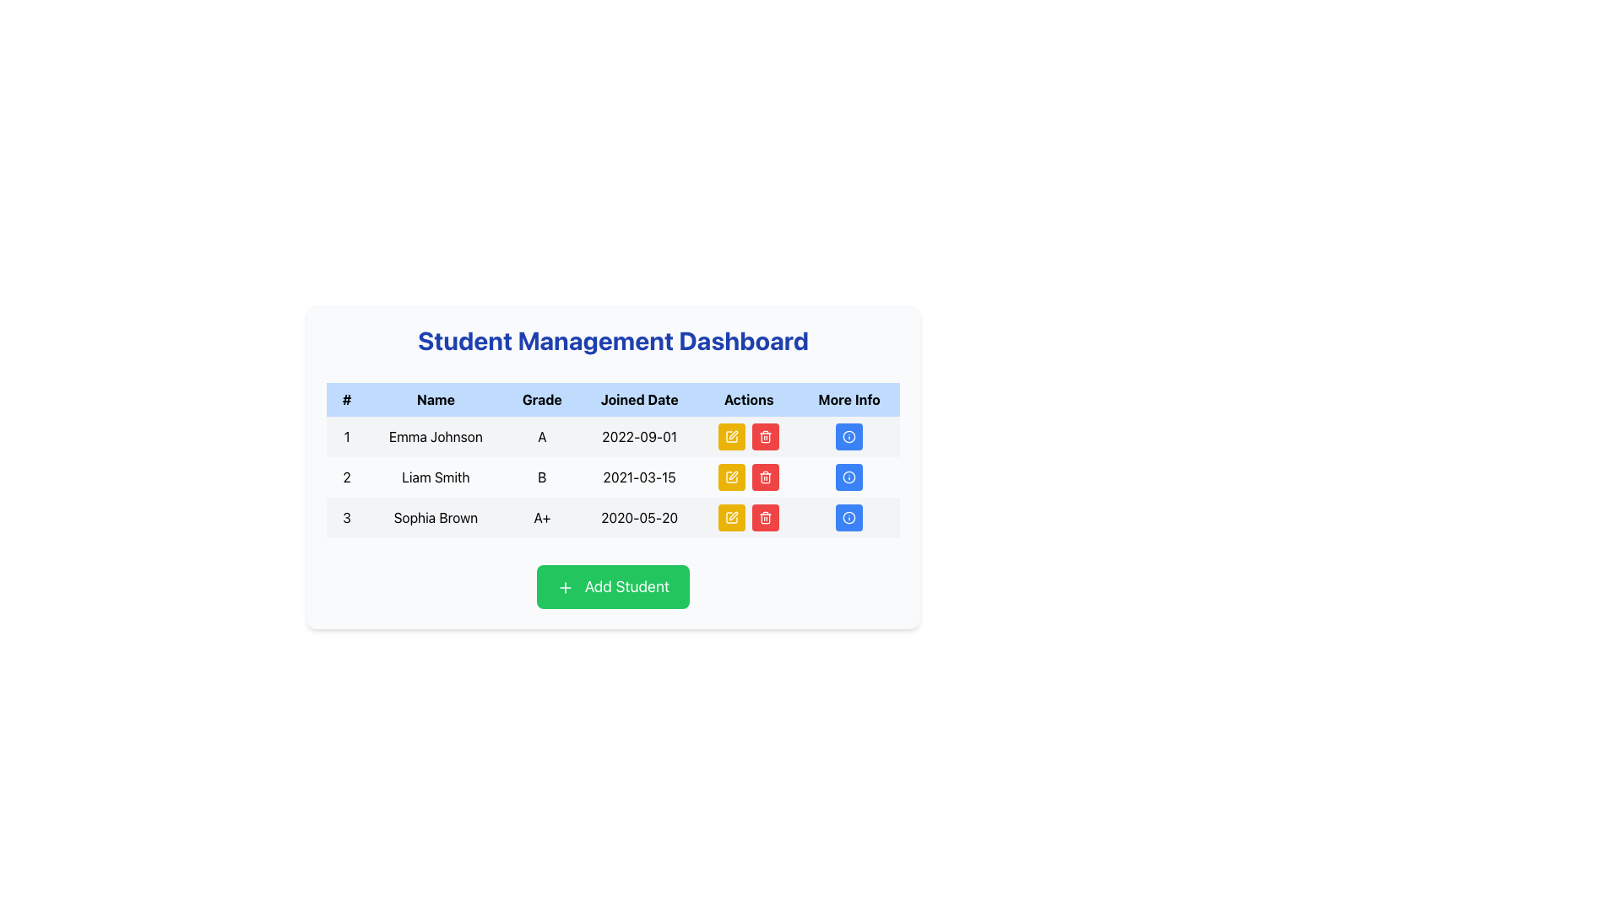 The image size is (1621, 911). Describe the element at coordinates (849, 516) in the screenshot. I see `the blue circular button with a white border and info icon at its center, located at the far-right of the row for 'Sophia Brown' under the 'More Info' column` at that location.